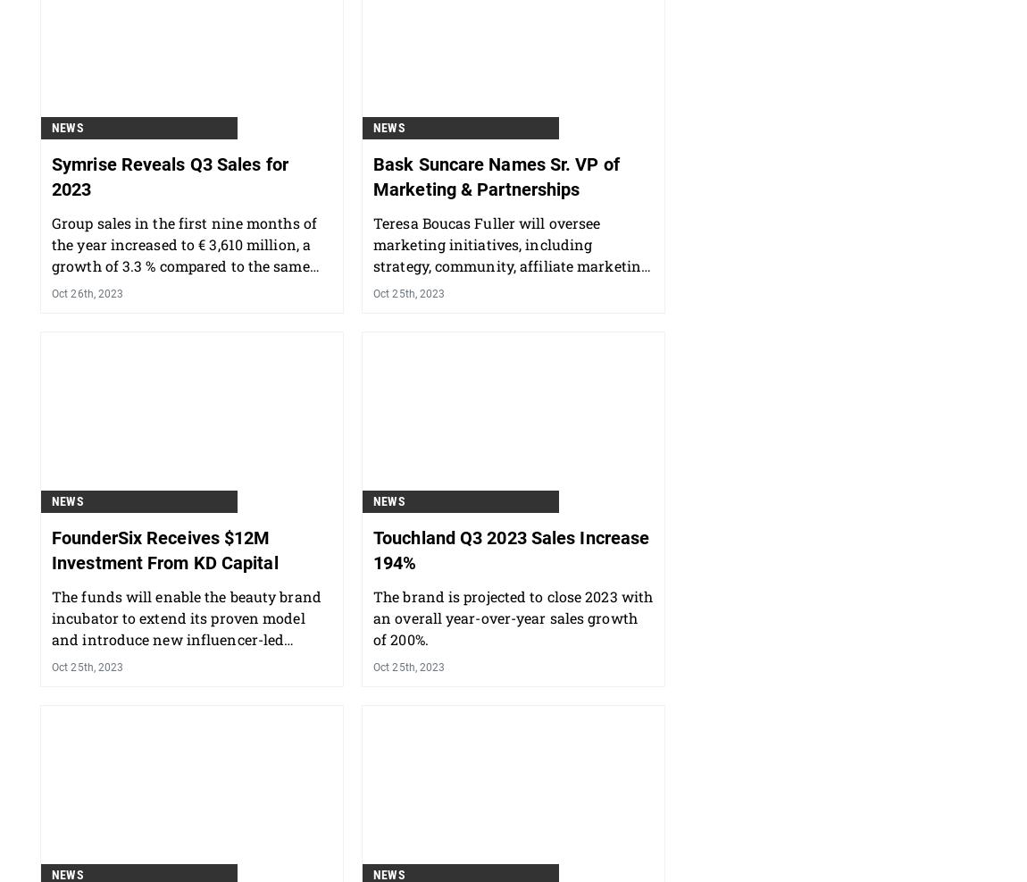  What do you see at coordinates (512, 358) in the screenshot?
I see `'Teresa Boucas Fuller will oversee marketing initiatives, including strategy, community, affiliate marketing, strategic partnerships and channel expansion.'` at bounding box center [512, 358].